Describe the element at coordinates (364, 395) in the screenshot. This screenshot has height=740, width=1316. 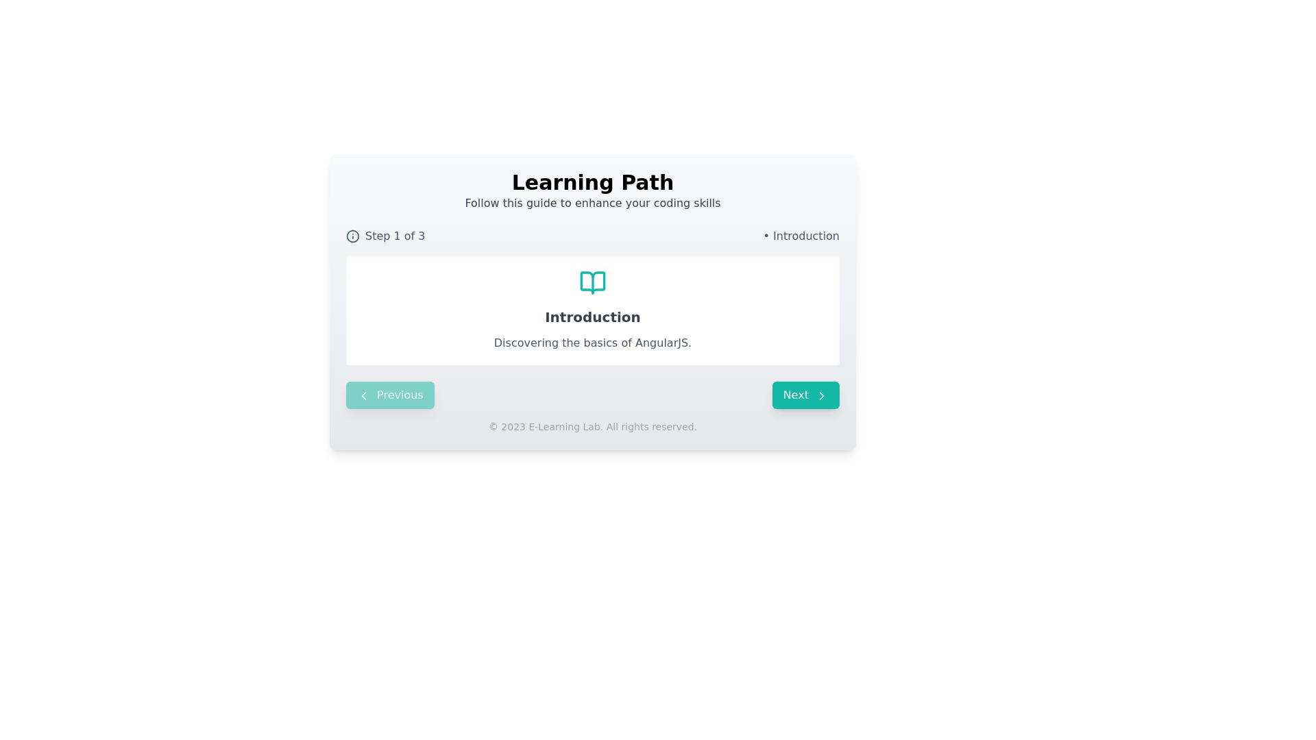
I see `keyboard navigation` at that location.